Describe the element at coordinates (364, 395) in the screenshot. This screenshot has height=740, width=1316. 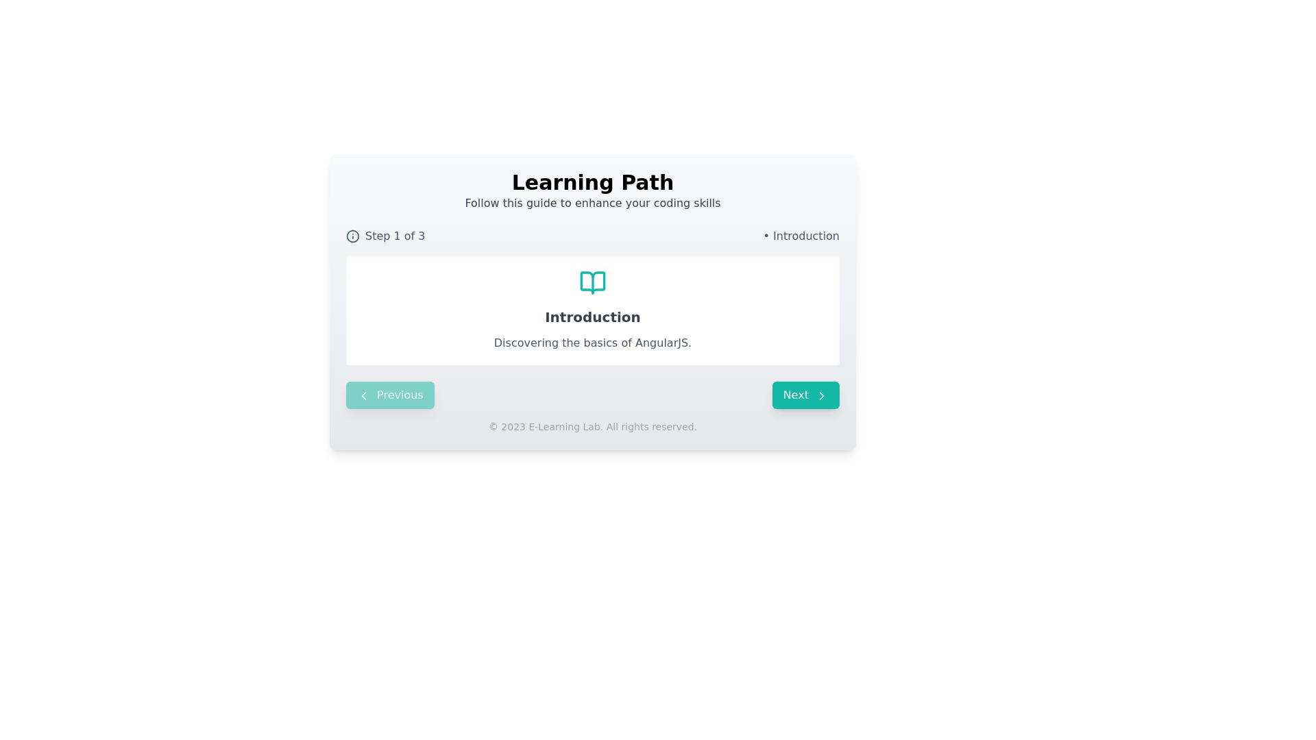
I see `keyboard navigation` at that location.